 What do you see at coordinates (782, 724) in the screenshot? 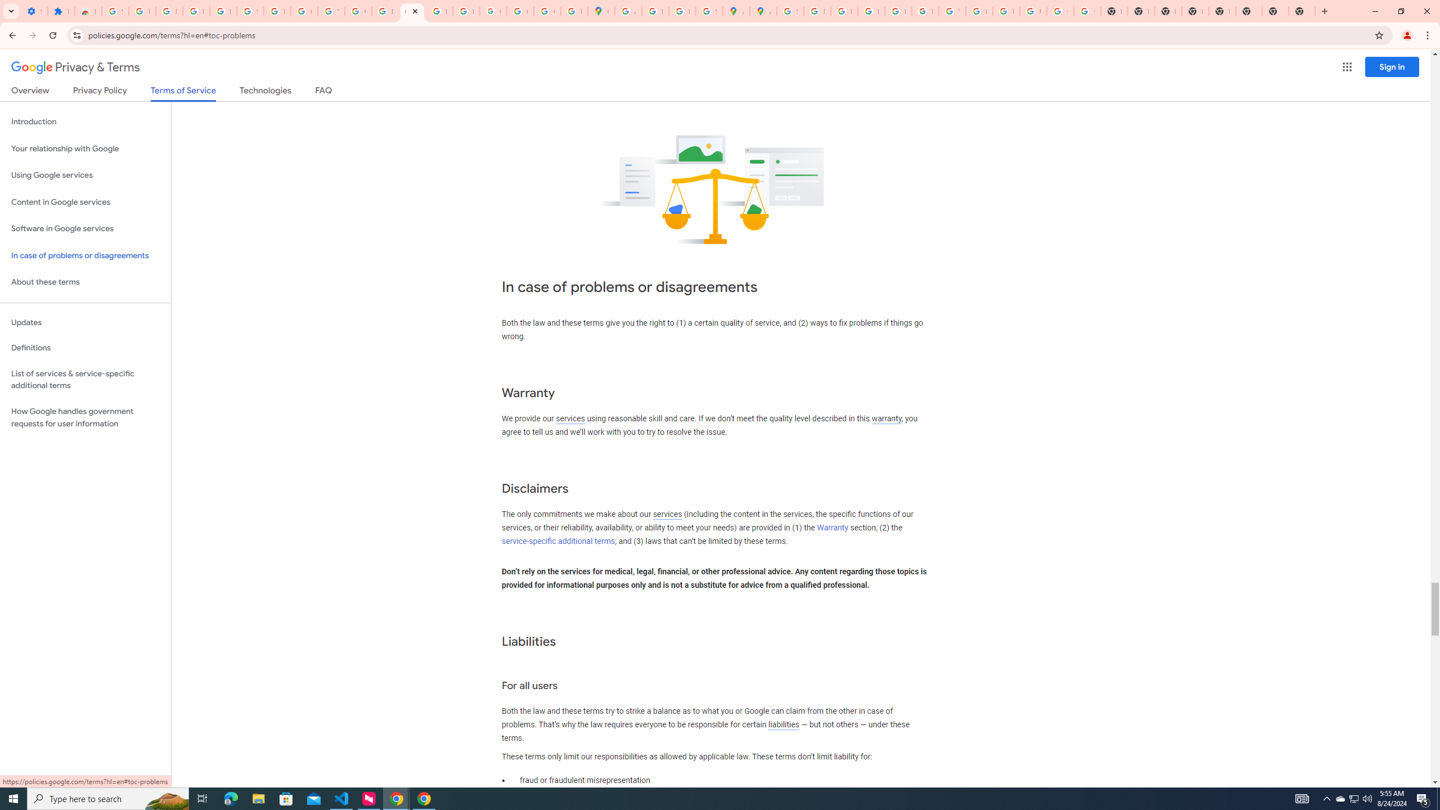
I see `'liabilities'` at bounding box center [782, 724].